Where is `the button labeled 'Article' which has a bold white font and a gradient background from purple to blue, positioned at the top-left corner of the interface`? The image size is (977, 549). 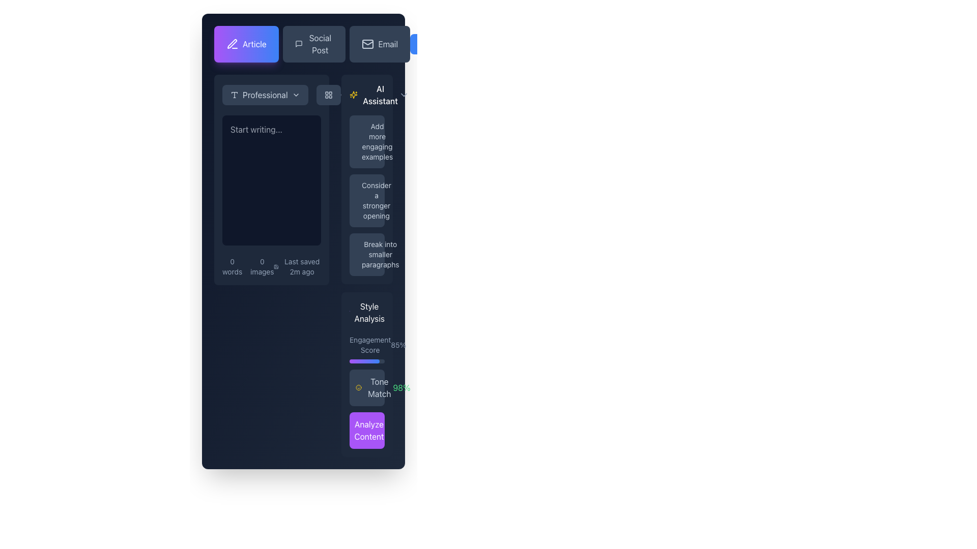 the button labeled 'Article' which has a bold white font and a gradient background from purple to blue, positioned at the top-left corner of the interface is located at coordinates (254, 44).